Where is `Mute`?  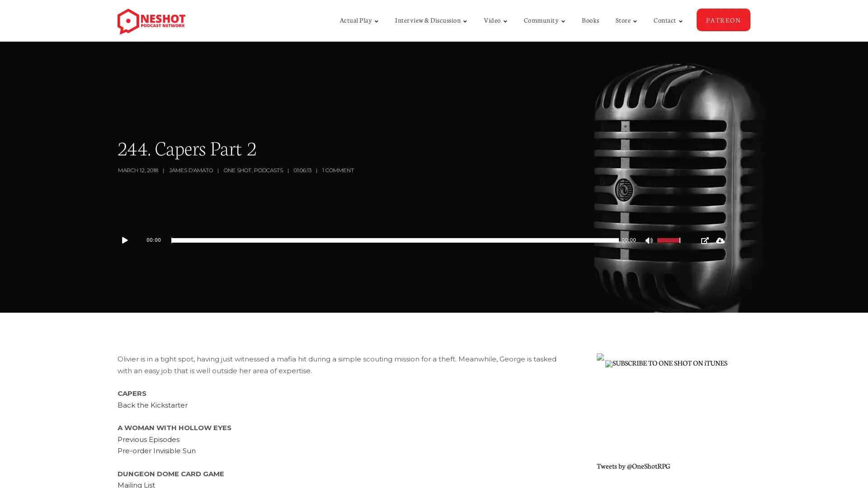
Mute is located at coordinates (650, 241).